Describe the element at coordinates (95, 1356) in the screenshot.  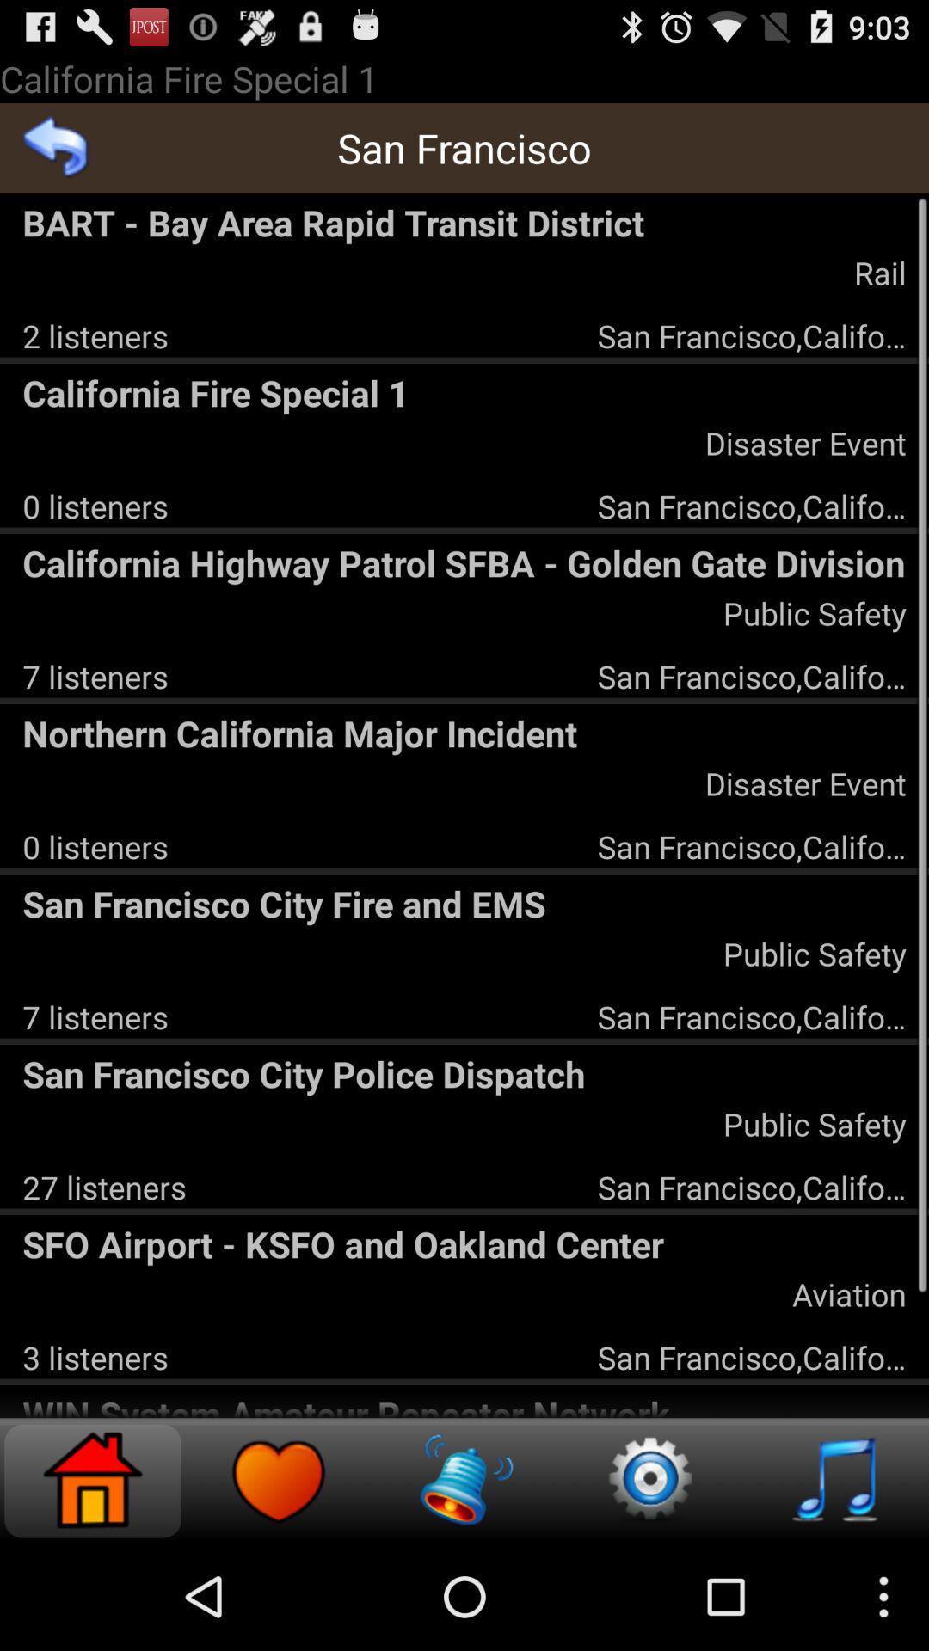
I see `3 listeners app` at that location.